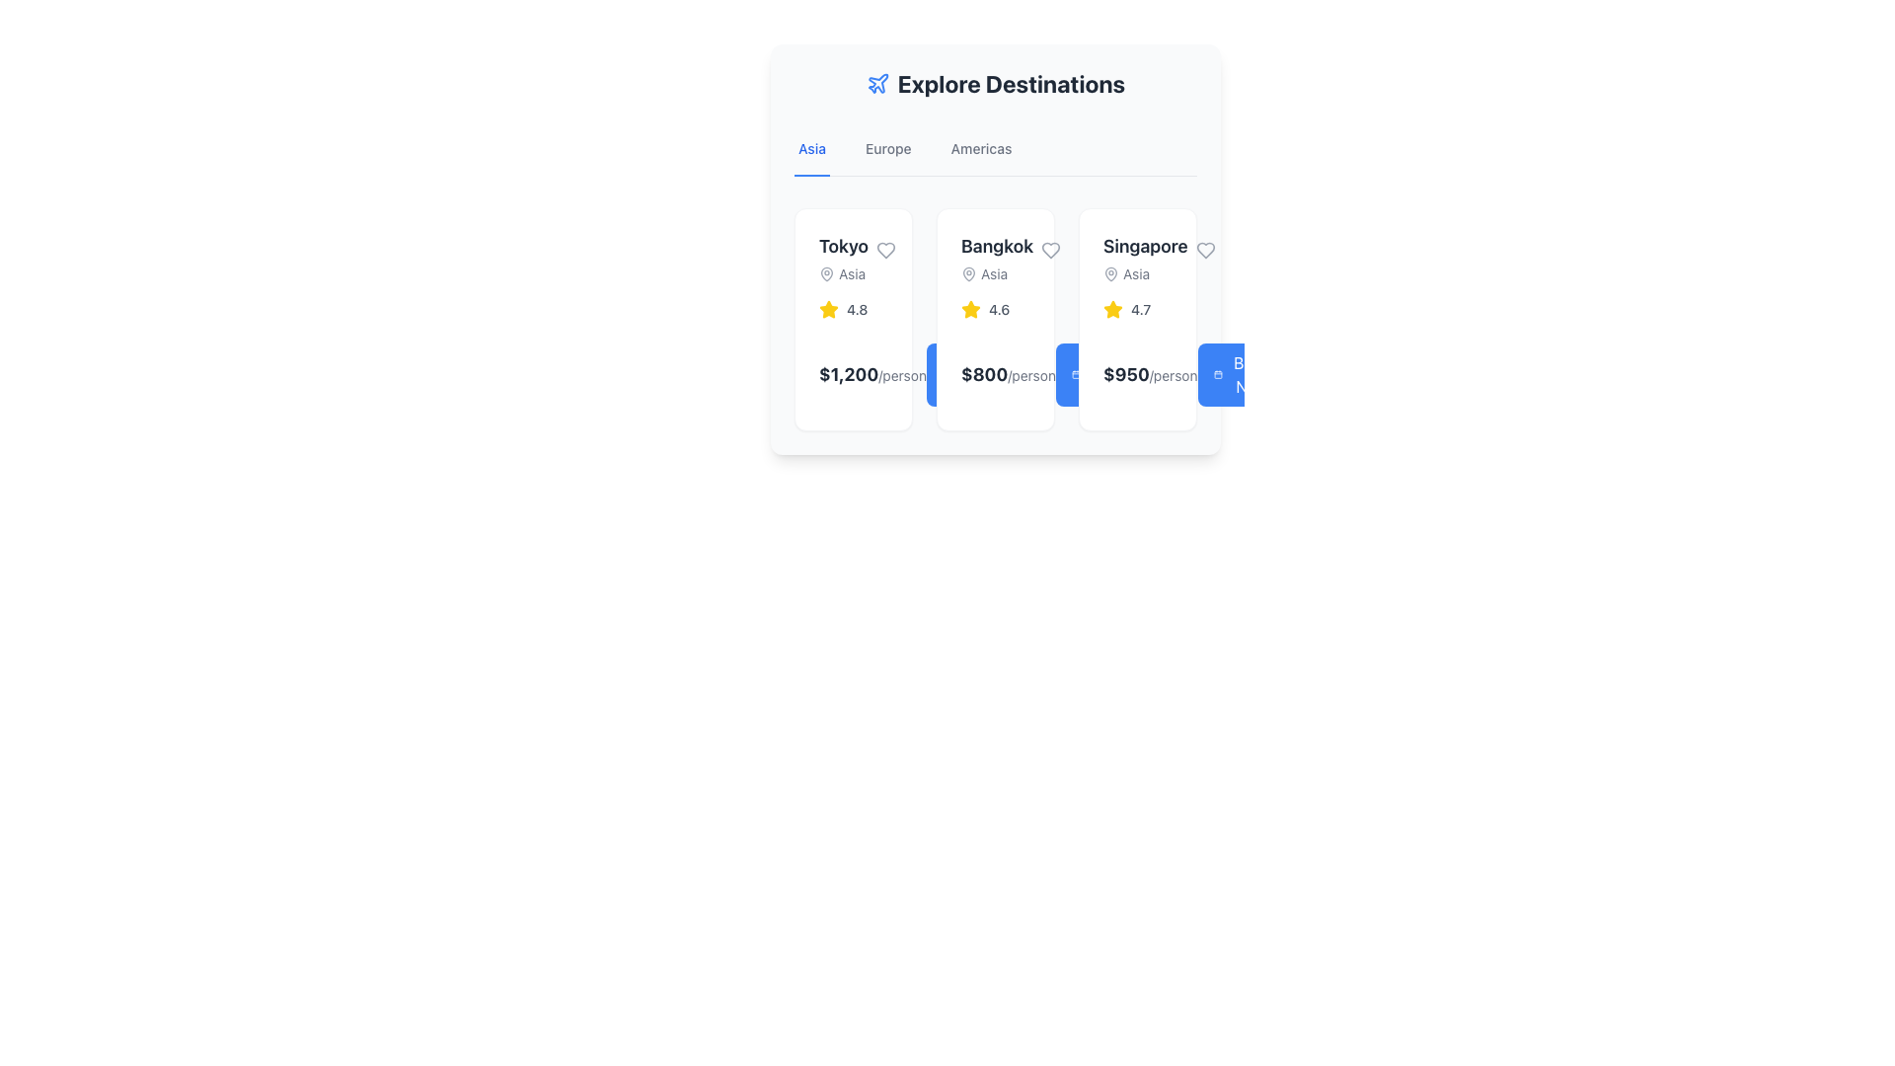  Describe the element at coordinates (970, 309) in the screenshot. I see `the rating star icon in the middle card (Bangkok) under the 'Asia' tab in the 'Explore Destinations' section, which displays the designated rating value` at that location.